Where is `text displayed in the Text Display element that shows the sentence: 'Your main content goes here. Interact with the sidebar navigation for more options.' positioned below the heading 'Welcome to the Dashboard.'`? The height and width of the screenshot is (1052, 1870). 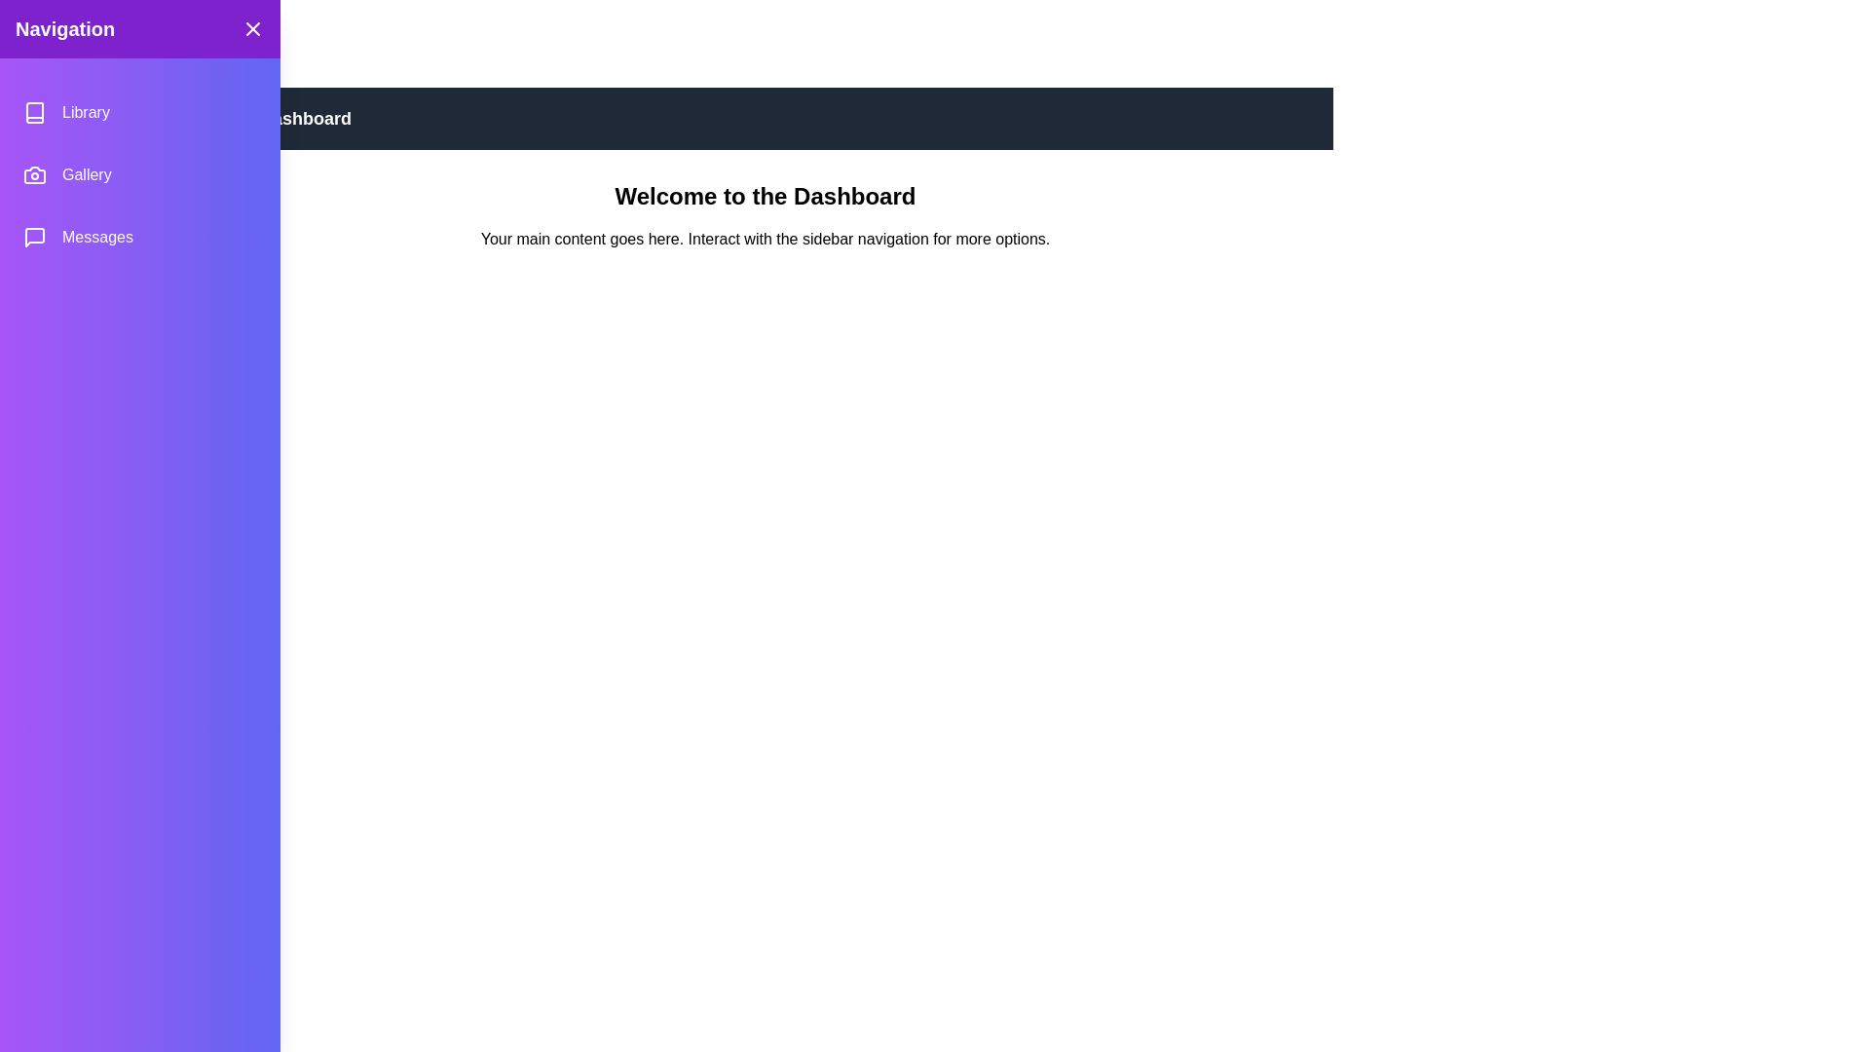 text displayed in the Text Display element that shows the sentence: 'Your main content goes here. Interact with the sidebar navigation for more options.' positioned below the heading 'Welcome to the Dashboard.' is located at coordinates (765, 239).